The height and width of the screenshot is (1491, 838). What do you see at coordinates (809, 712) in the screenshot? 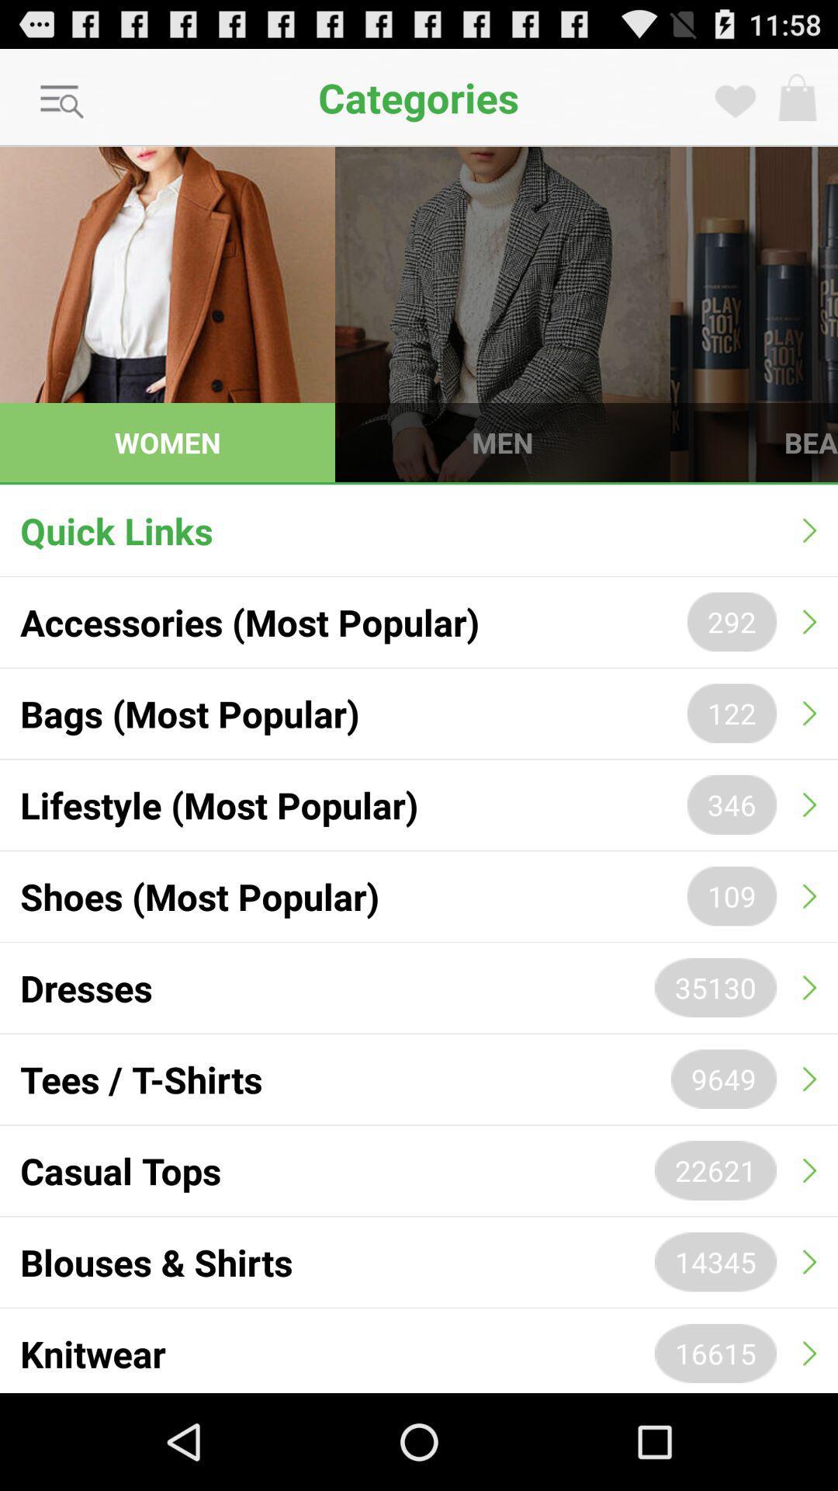
I see `button right to the number 122` at bounding box center [809, 712].